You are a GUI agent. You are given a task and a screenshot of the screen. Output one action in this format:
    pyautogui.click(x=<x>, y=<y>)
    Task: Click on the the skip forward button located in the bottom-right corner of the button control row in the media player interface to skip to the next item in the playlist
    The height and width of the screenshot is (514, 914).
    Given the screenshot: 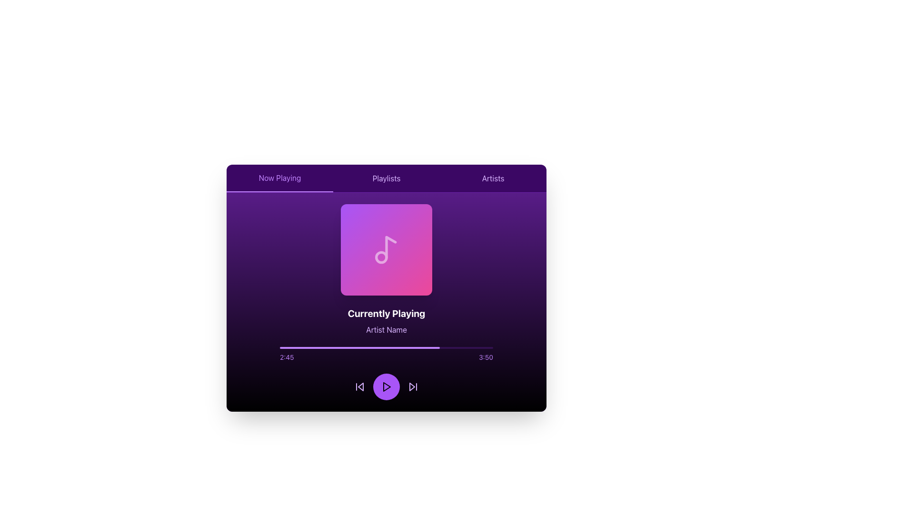 What is the action you would take?
    pyautogui.click(x=413, y=387)
    